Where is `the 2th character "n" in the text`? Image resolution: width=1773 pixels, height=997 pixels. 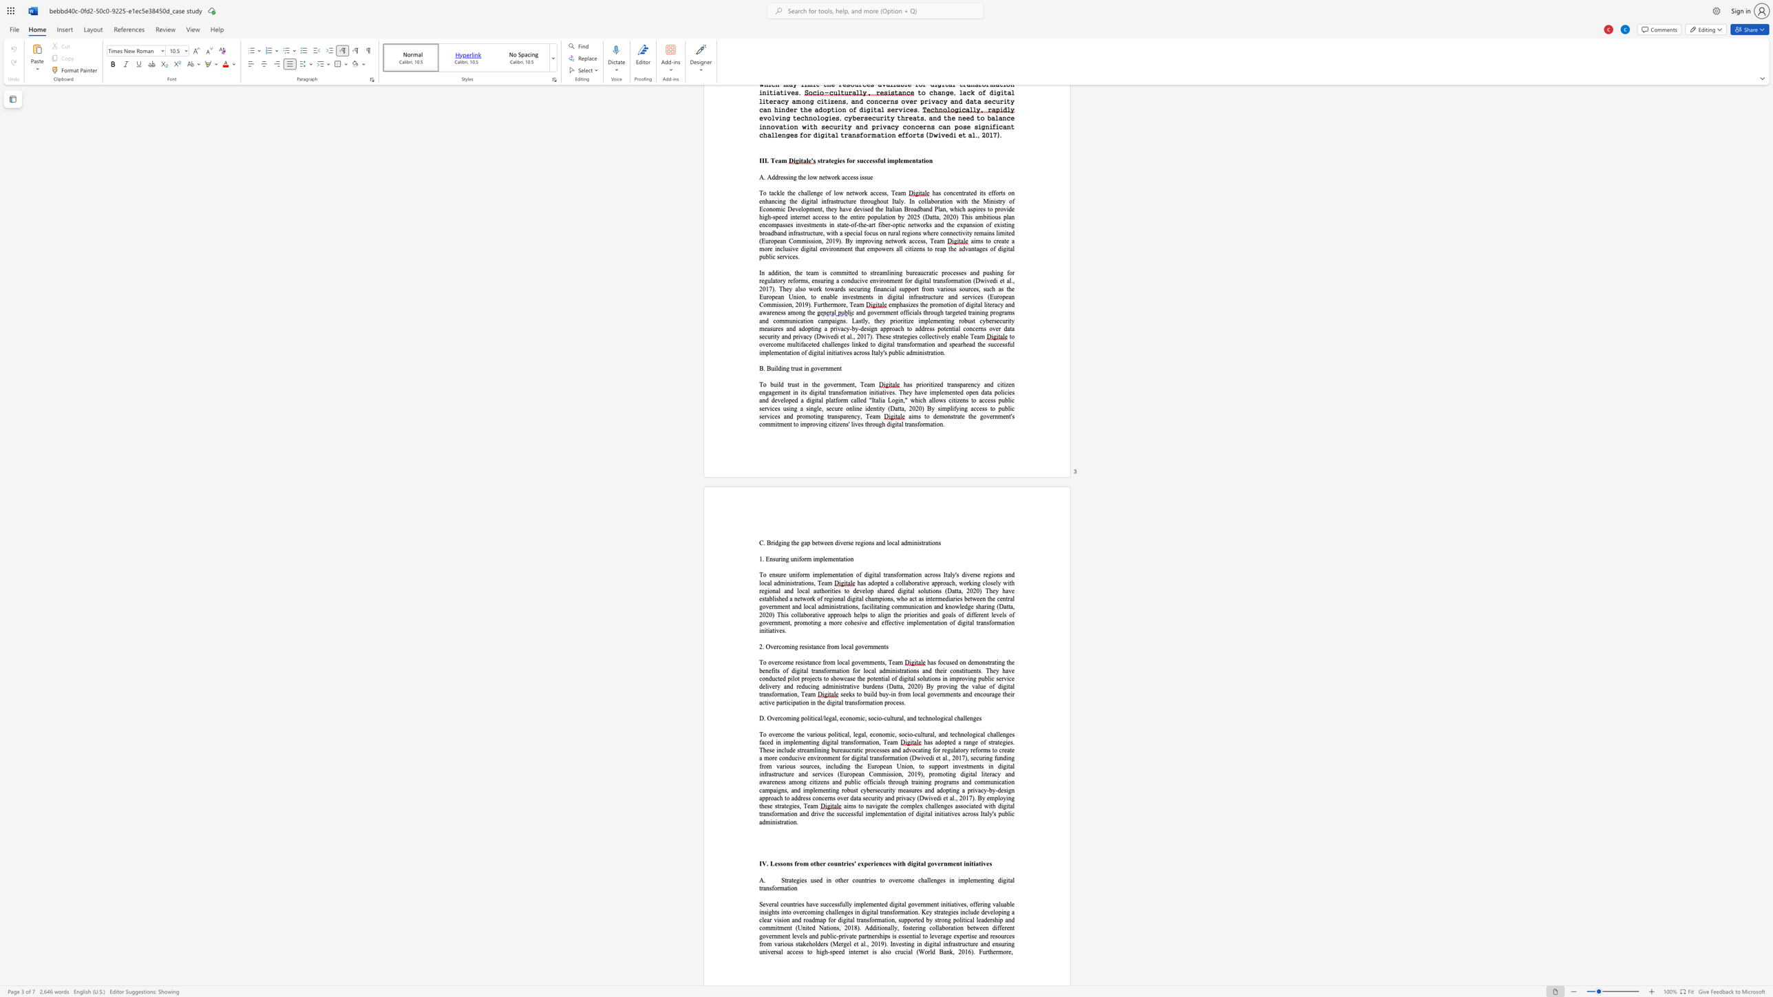 the 2th character "n" in the text is located at coordinates (999, 661).